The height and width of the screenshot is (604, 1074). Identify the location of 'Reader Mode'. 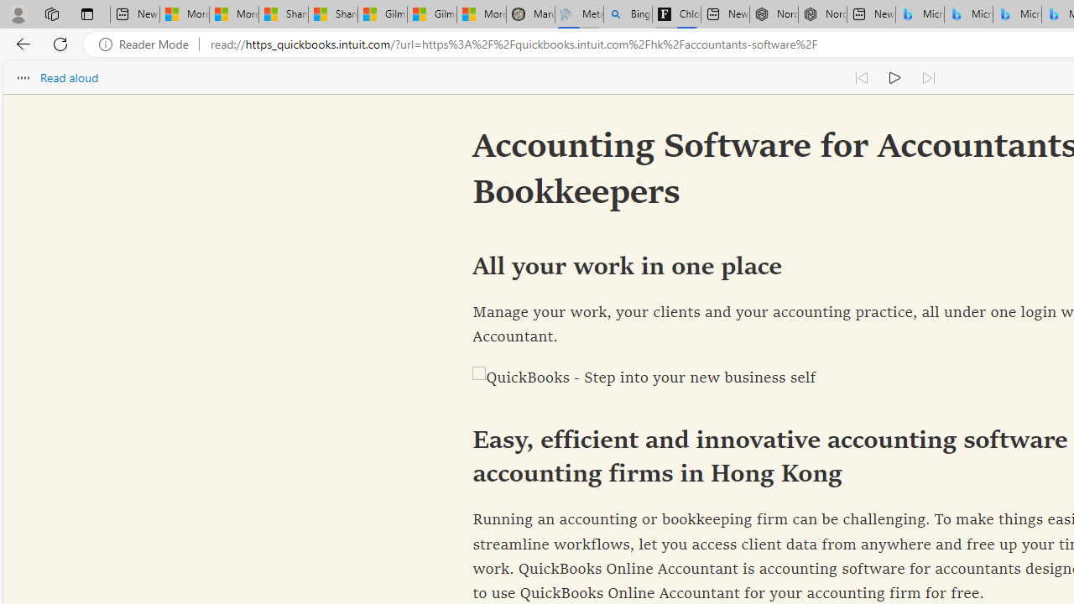
(149, 44).